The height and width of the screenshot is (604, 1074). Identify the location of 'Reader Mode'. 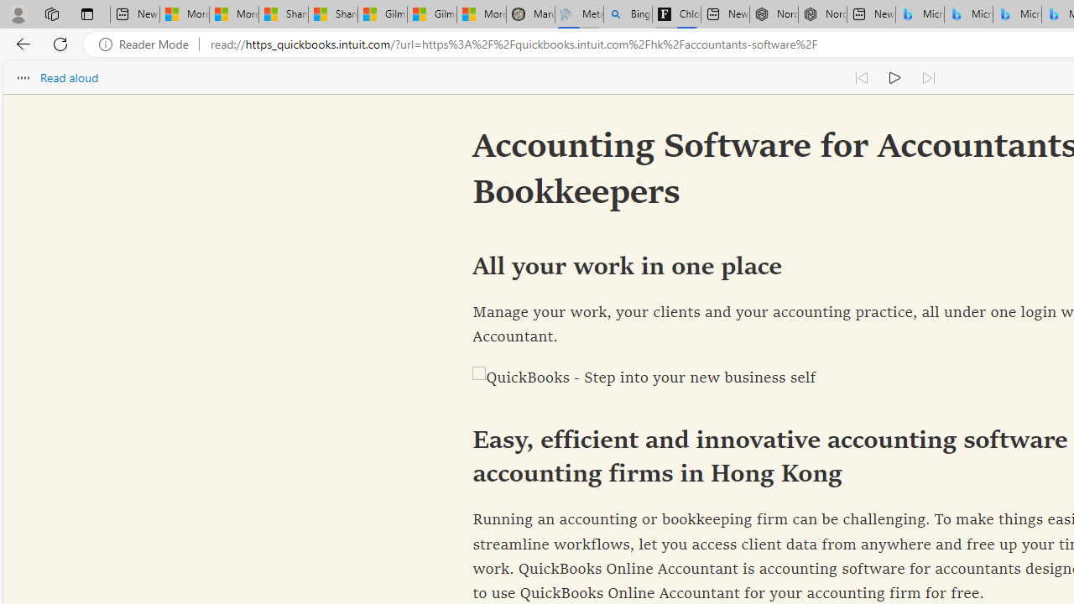
(149, 44).